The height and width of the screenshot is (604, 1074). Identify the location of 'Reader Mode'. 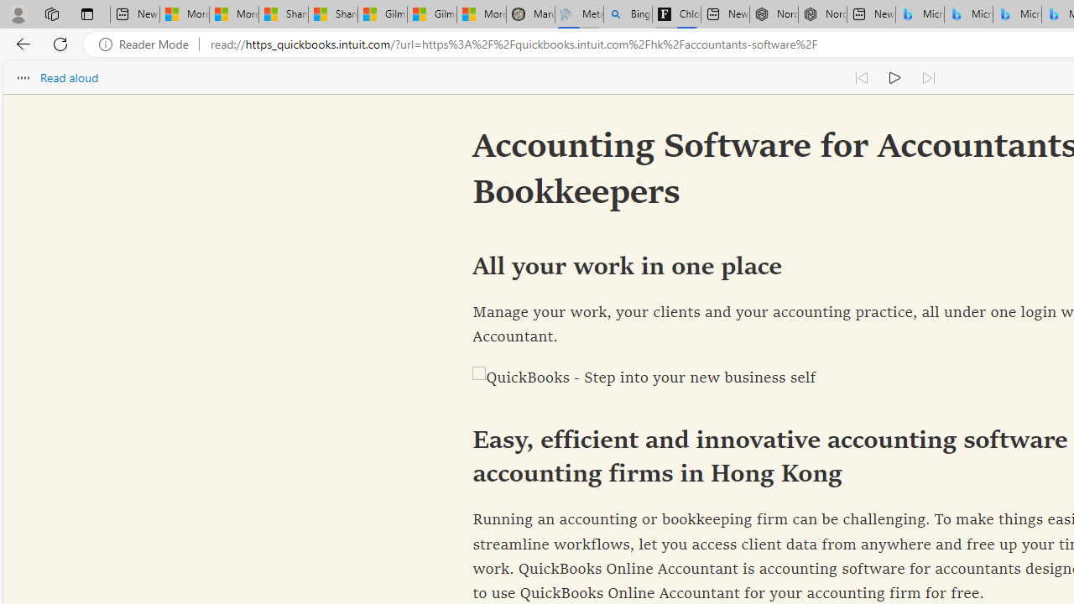
(149, 44).